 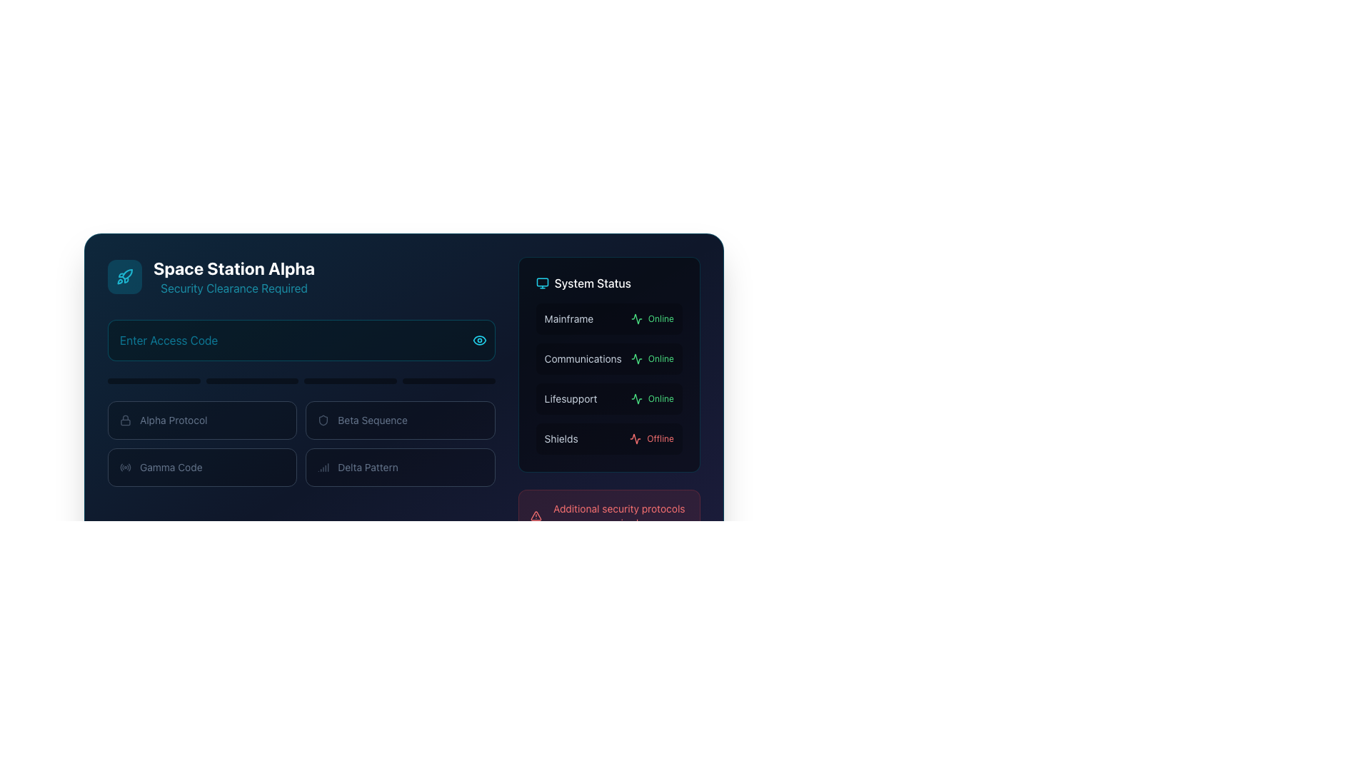 What do you see at coordinates (609, 363) in the screenshot?
I see `the Status indicator component, which is a rectangular box with a black background and cyan border labeled 'System Status', containing various online/offline status indicators` at bounding box center [609, 363].